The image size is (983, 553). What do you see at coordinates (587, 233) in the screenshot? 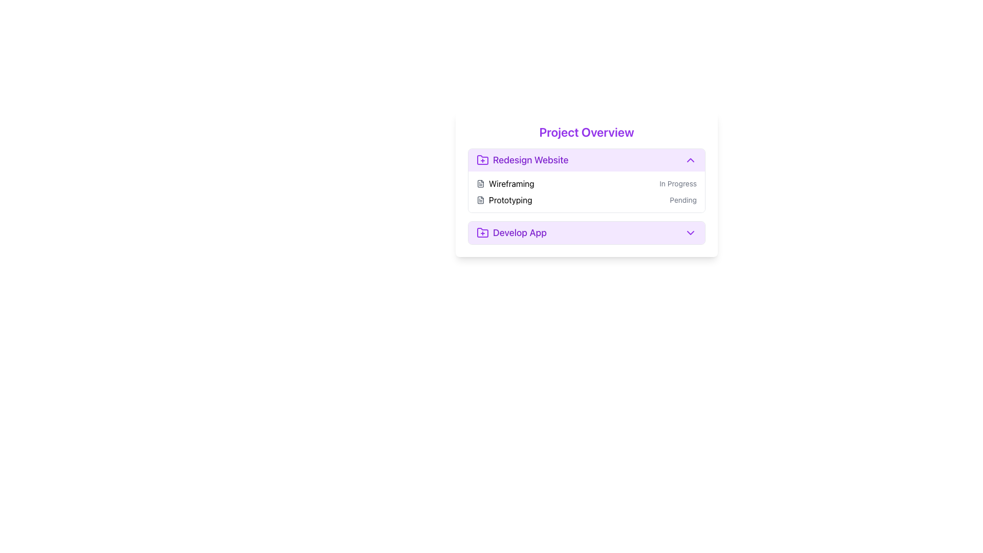
I see `the interactive button that expands or collapses the 'Develop App' section, located below the 'Redesign Website' section` at bounding box center [587, 233].